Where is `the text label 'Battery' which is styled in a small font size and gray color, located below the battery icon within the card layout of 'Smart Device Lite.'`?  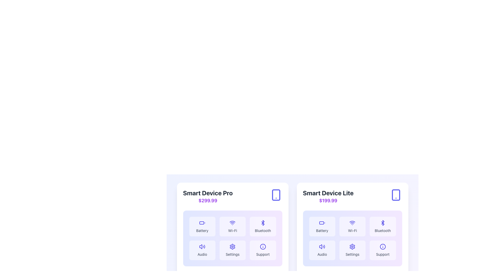 the text label 'Battery' which is styled in a small font size and gray color, located below the battery icon within the card layout of 'Smart Device Lite.' is located at coordinates (322, 230).